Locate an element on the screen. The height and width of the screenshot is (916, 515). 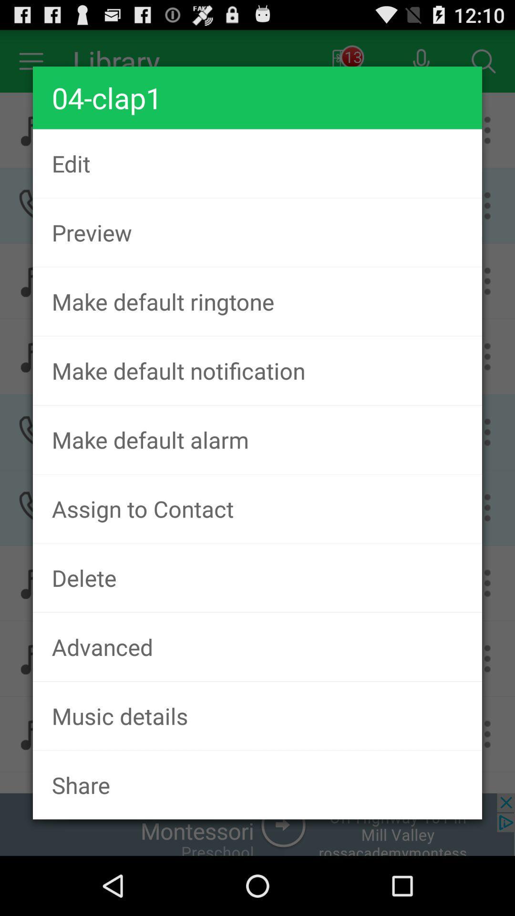
the app below advanced app is located at coordinates (257, 716).